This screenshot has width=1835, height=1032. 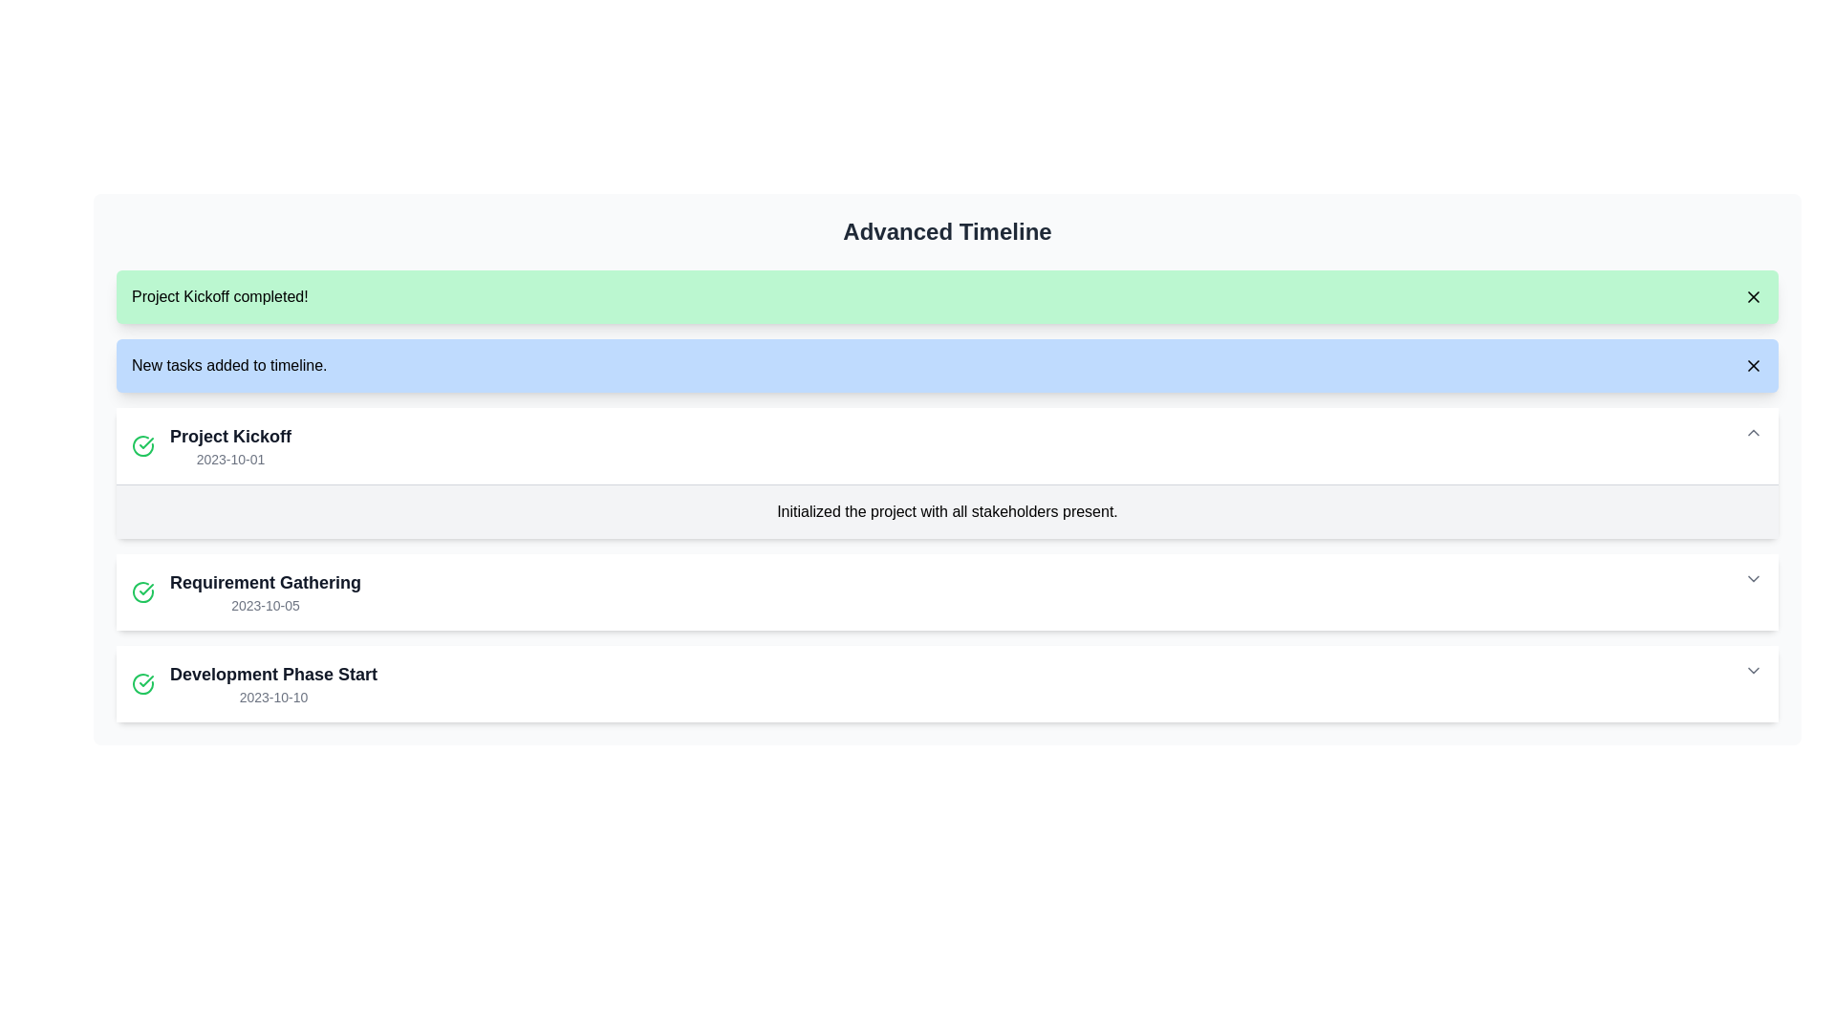 What do you see at coordinates (253, 683) in the screenshot?
I see `the last list item in the project timeline that represents a milestone or task, which displays the task name and associated date` at bounding box center [253, 683].